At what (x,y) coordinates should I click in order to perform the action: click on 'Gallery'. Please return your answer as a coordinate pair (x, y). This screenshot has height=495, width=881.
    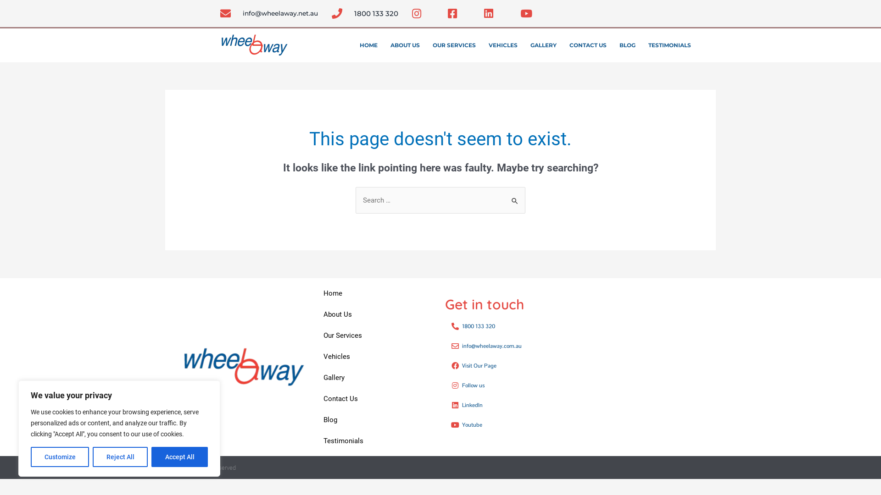
    Looking at the image, I should click on (375, 378).